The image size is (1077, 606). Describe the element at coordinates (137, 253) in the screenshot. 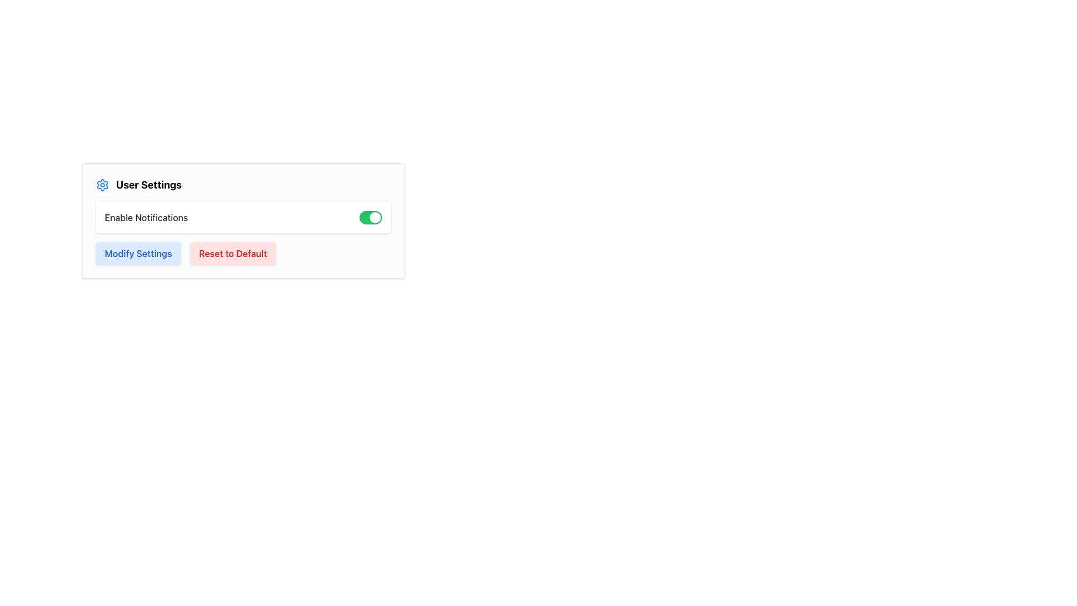

I see `the 'Modify Settings' button, which is a rectangular button with bold blue text on a light blue background` at that location.